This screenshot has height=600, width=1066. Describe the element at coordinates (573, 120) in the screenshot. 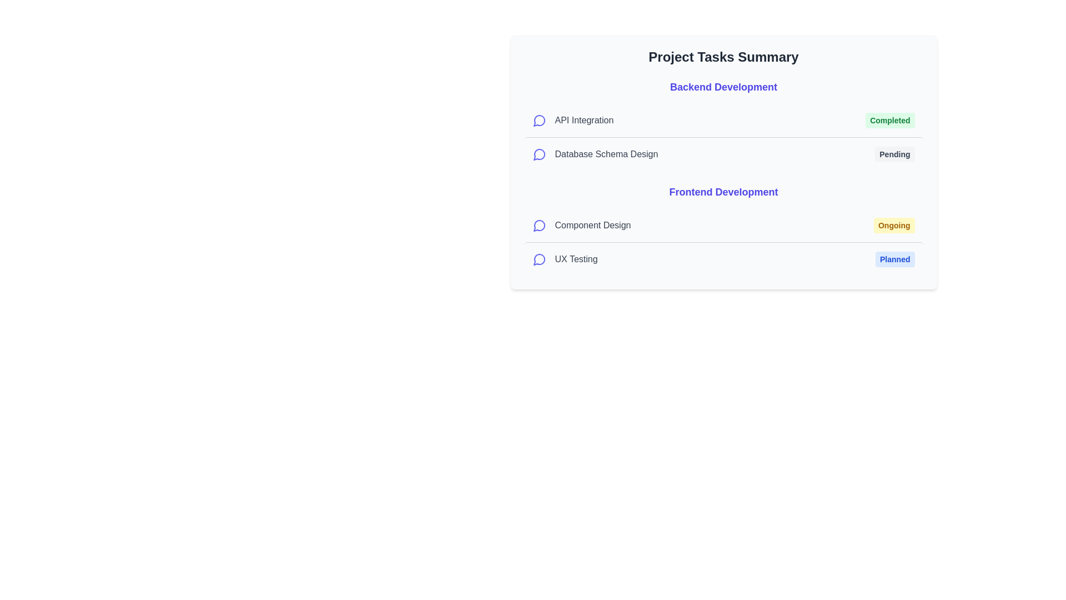

I see `the text label and icon representing the first task item in the 'Backend Development' category, which identifies a task related to backend development` at that location.